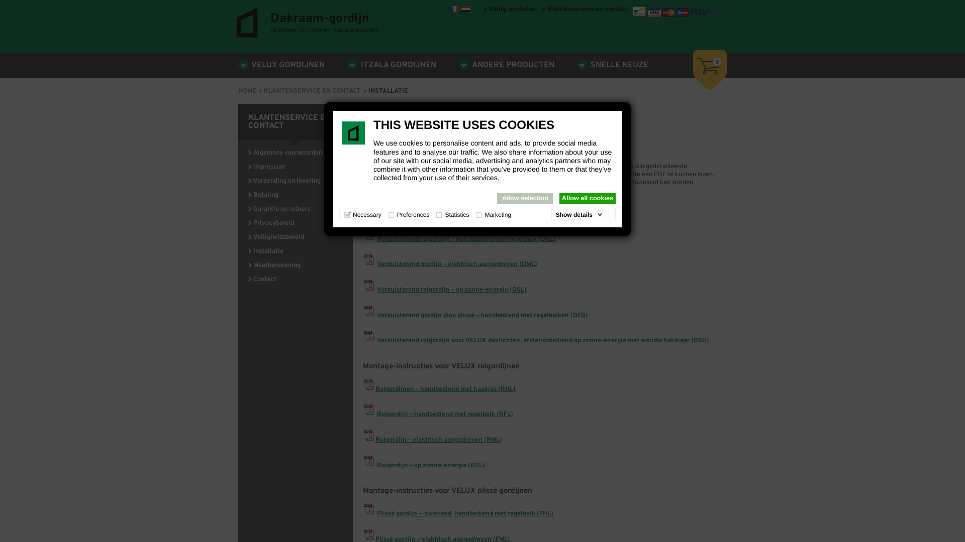  Describe the element at coordinates (265, 279) in the screenshot. I see `'Contact'` at that location.